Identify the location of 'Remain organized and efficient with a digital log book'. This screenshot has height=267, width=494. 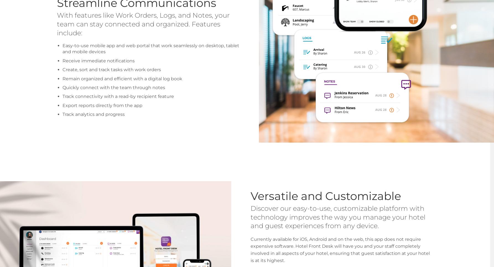
(62, 78).